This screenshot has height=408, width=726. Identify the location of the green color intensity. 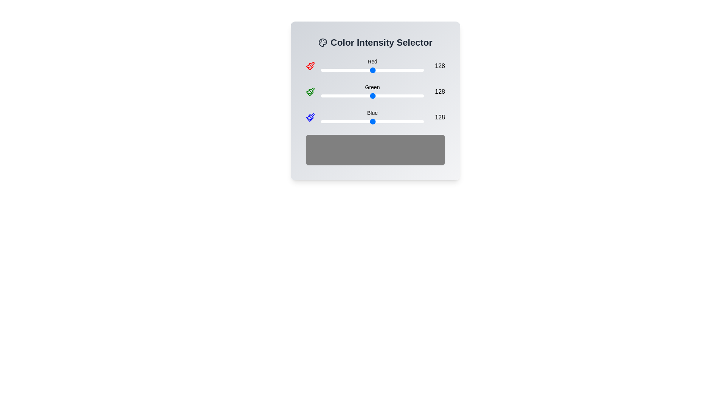
(379, 96).